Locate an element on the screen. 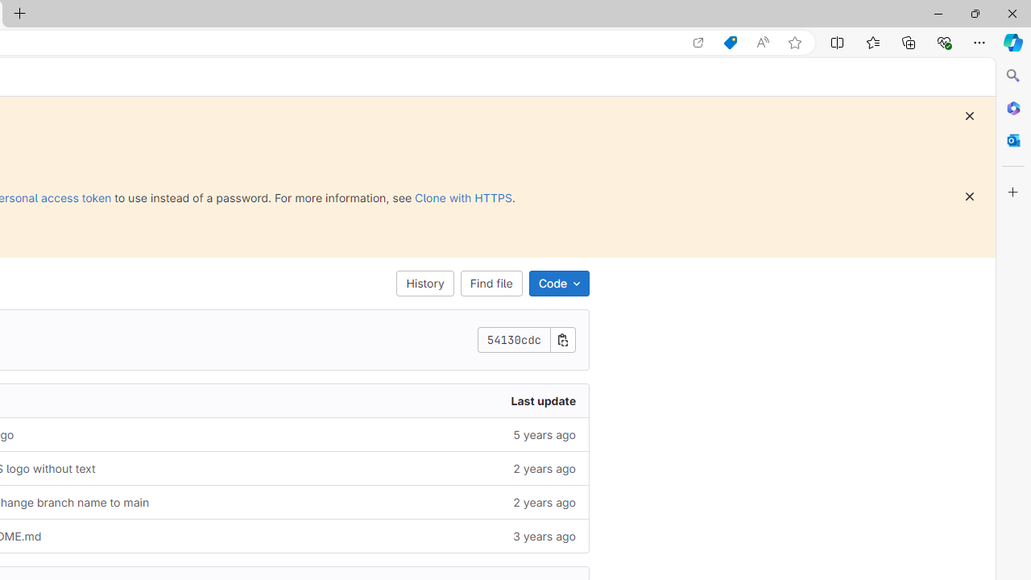 The image size is (1031, 580). 'Clone with HTTPS' is located at coordinates (462, 197).